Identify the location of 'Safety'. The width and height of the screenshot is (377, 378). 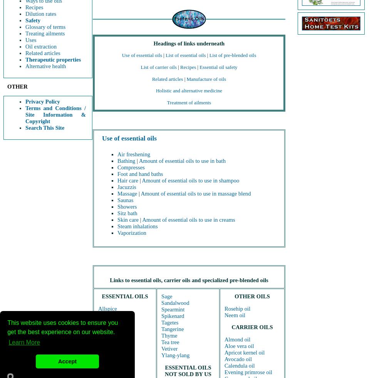
(33, 20).